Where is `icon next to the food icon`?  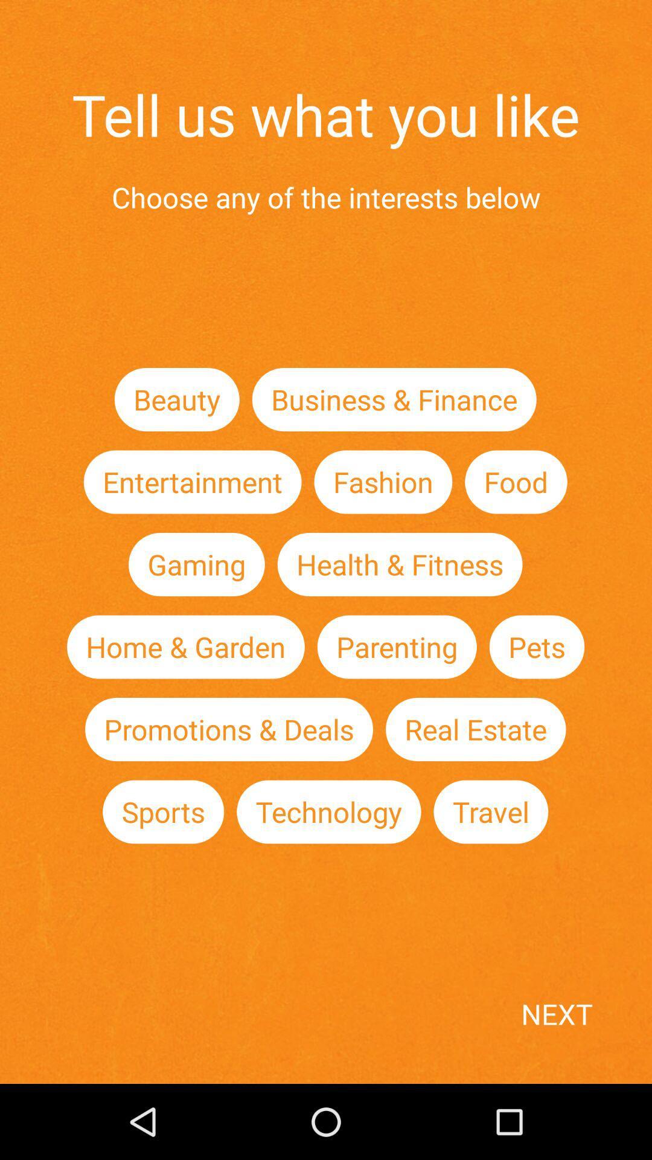 icon next to the food icon is located at coordinates (383, 481).